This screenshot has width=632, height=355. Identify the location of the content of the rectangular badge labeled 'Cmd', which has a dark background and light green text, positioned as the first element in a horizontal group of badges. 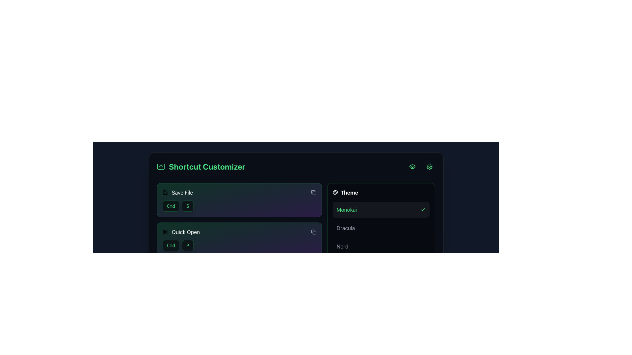
(171, 324).